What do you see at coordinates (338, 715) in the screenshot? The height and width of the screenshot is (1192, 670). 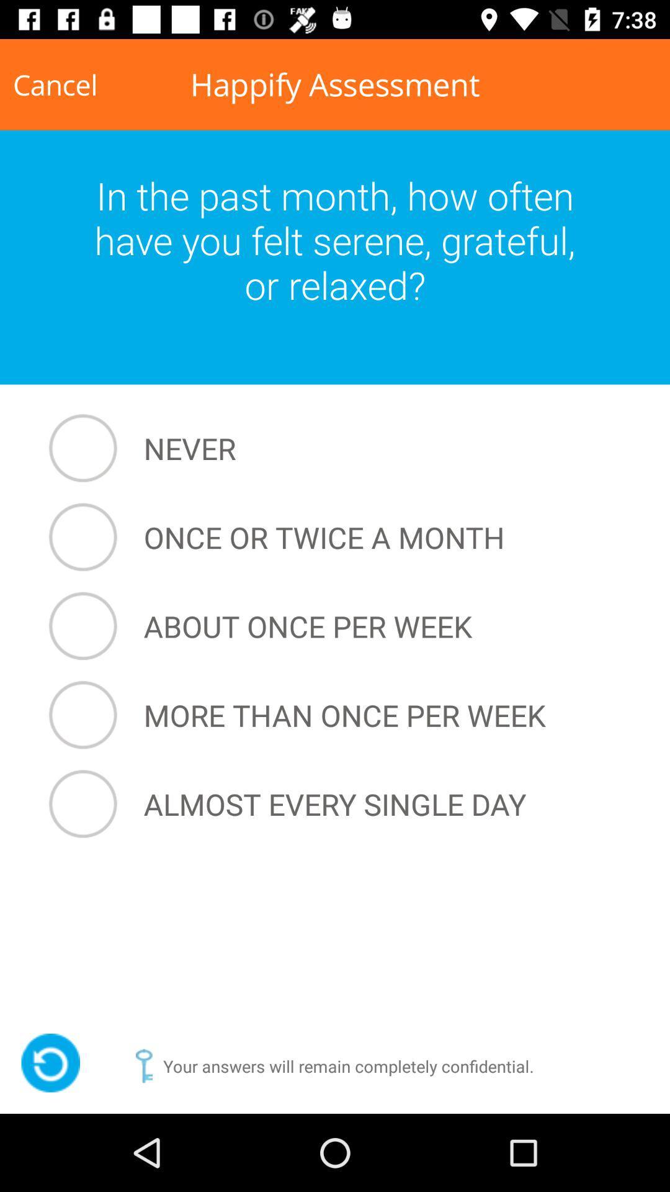 I see `more than once per week` at bounding box center [338, 715].